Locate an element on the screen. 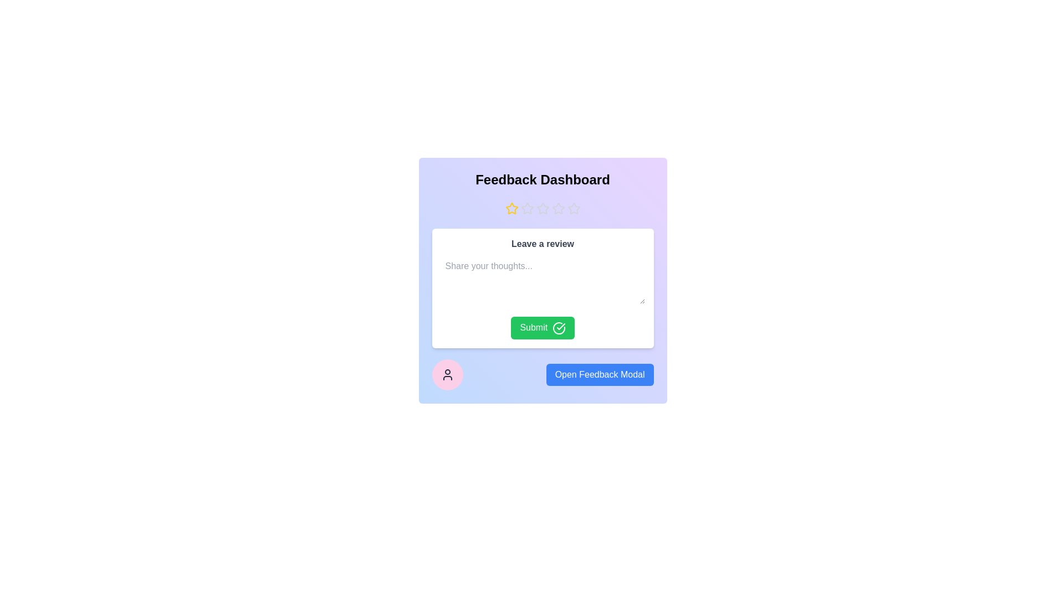  the green rectangular 'Submit' button with rounded corners and a checkmark icon is located at coordinates (543, 327).